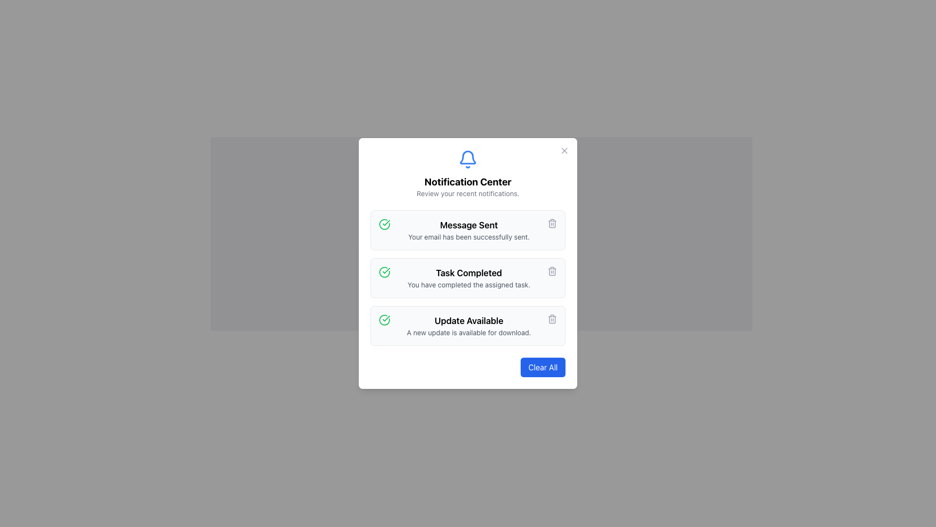 The width and height of the screenshot is (936, 527). What do you see at coordinates (468, 325) in the screenshot?
I see `text content of the third notification in the Notification Center, which displays information about a new update being available` at bounding box center [468, 325].